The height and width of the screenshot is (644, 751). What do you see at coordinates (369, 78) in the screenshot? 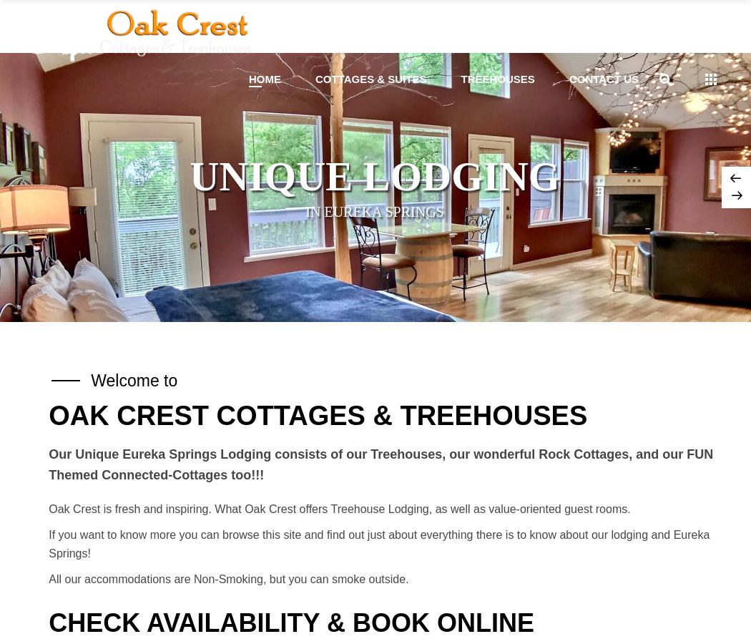
I see `'Cottages & Suites'` at bounding box center [369, 78].